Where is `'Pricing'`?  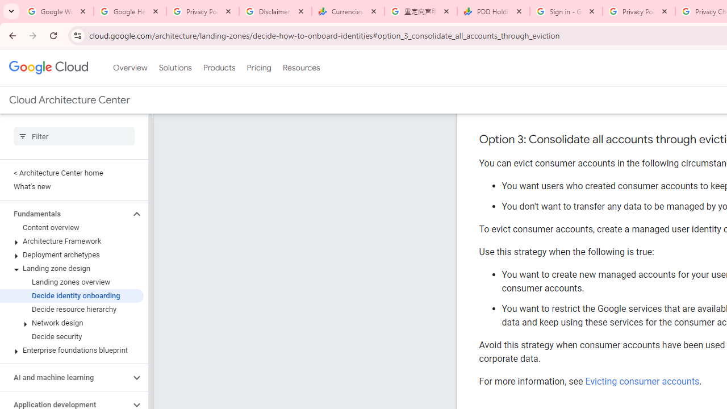 'Pricing' is located at coordinates (258, 68).